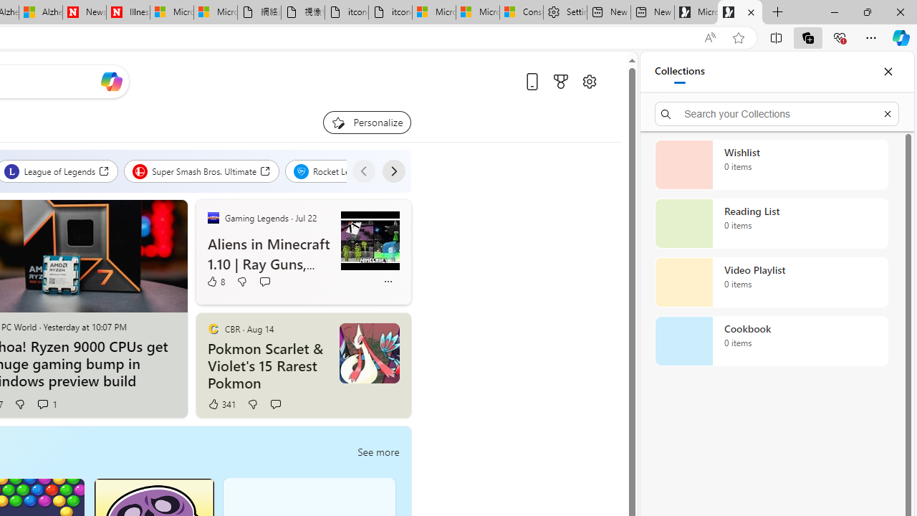 The width and height of the screenshot is (917, 516). Describe the element at coordinates (84, 12) in the screenshot. I see `'Newsweek - News, Analysis, Politics, Business, Technology'` at that location.